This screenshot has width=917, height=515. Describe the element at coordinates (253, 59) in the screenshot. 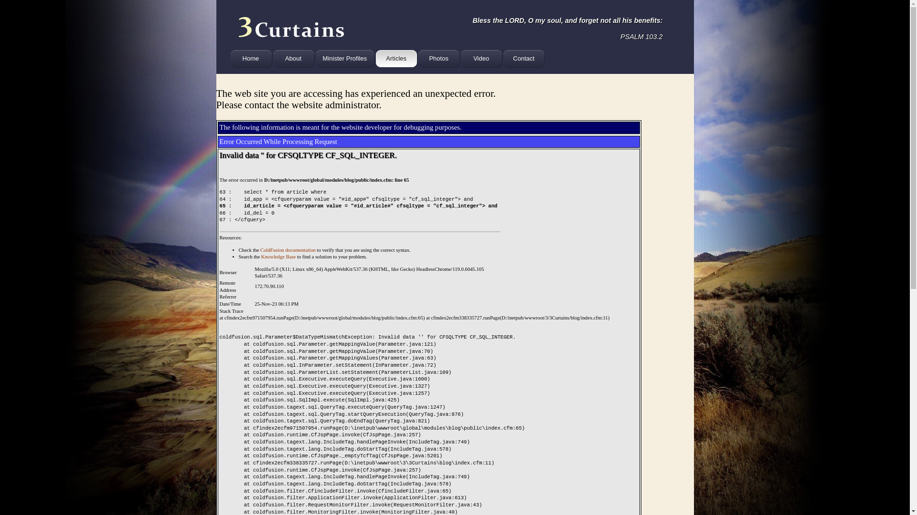

I see `'Home'` at that location.